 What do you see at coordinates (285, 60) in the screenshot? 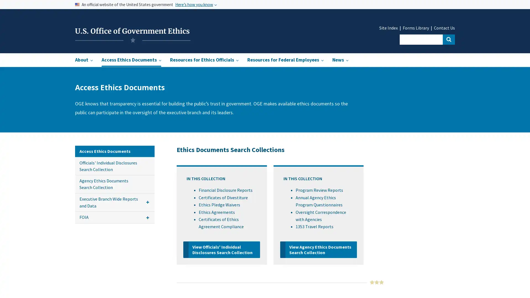
I see `Resources for Federal Employees` at bounding box center [285, 60].